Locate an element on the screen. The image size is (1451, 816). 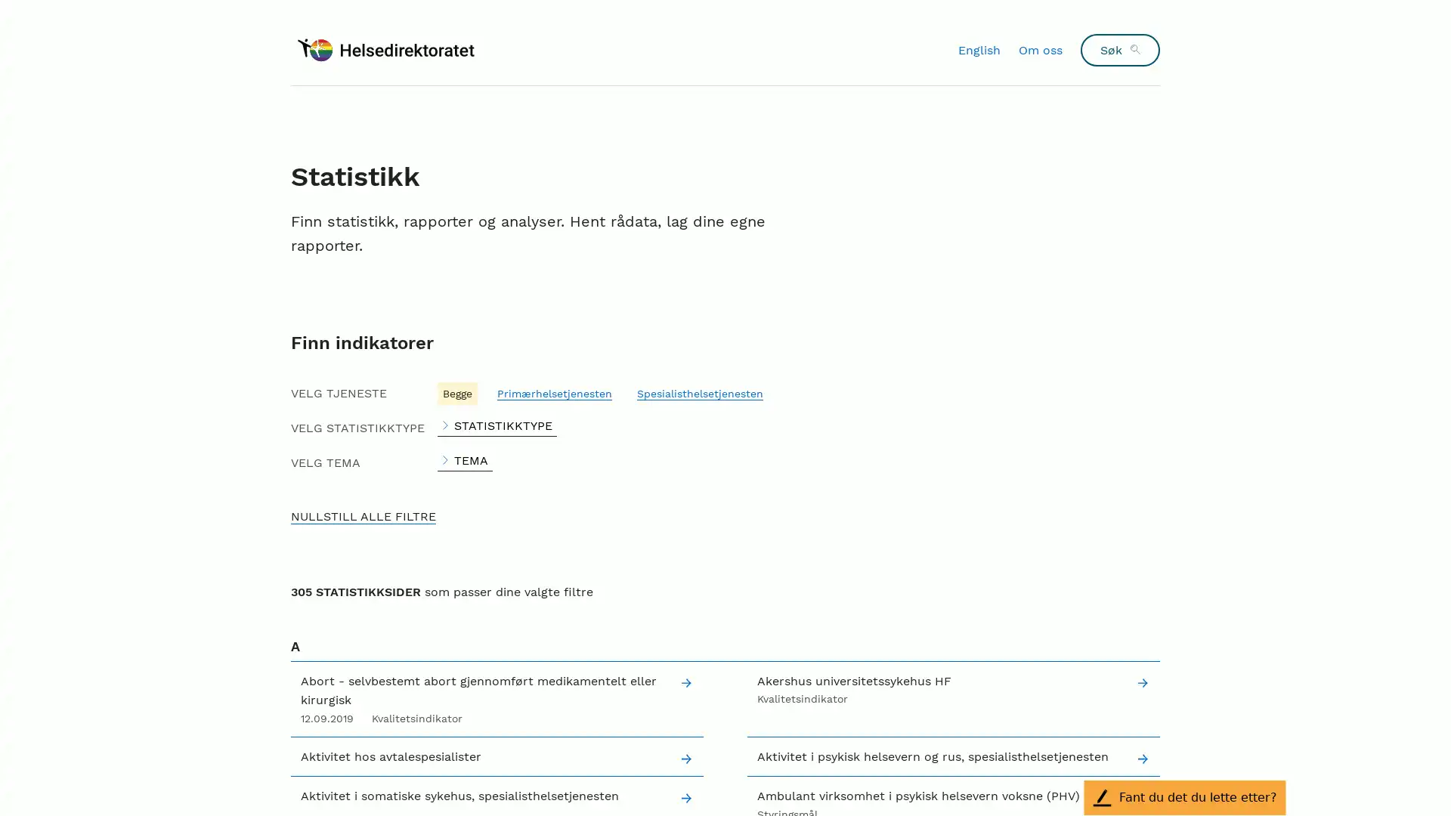
Fant du det du lette etter? is located at coordinates (1183, 796).